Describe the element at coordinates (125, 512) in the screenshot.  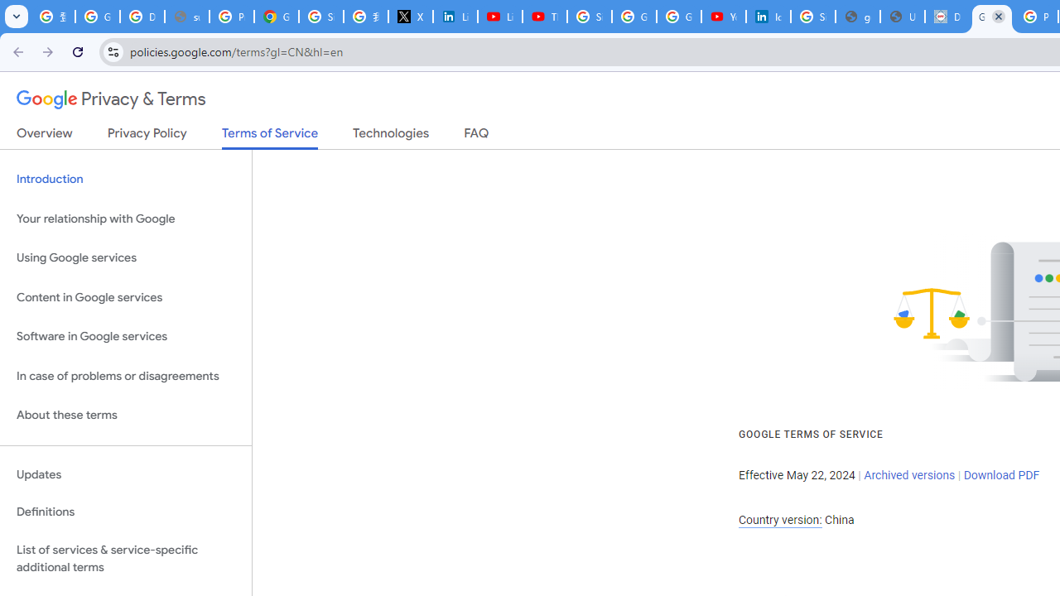
I see `'Definitions'` at that location.